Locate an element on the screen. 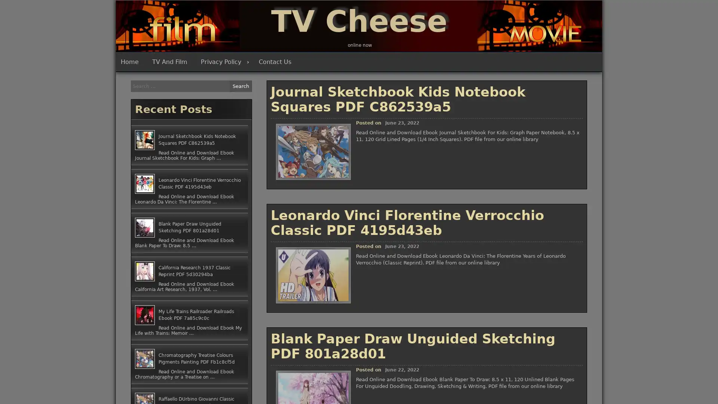 The height and width of the screenshot is (404, 718). Search is located at coordinates (240, 86).